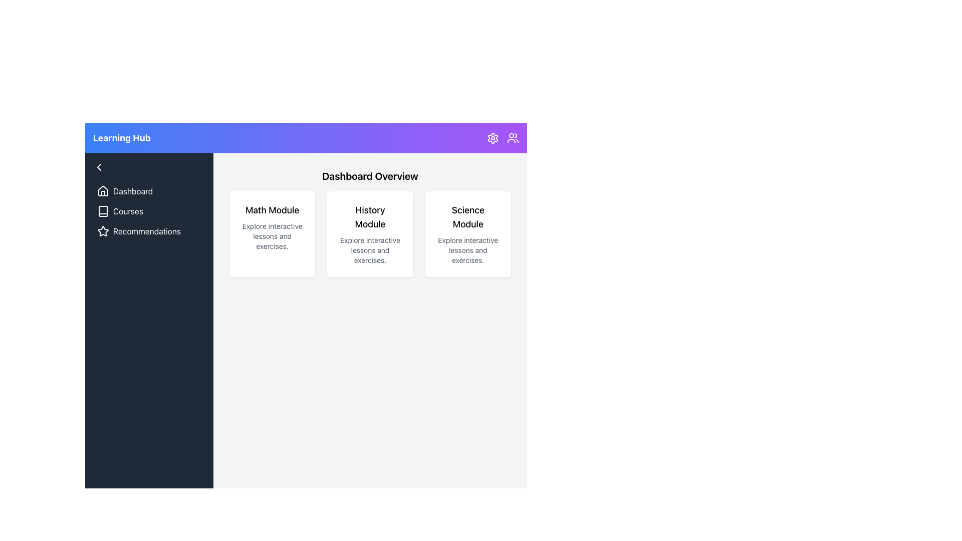 The image size is (962, 541). I want to click on the descriptive text element that reads 'Explore interactive lessons and exercises', which is styled simply and is located below the 'Science Module' text in the upper-right quadrant of the dashboard interface, so click(467, 250).